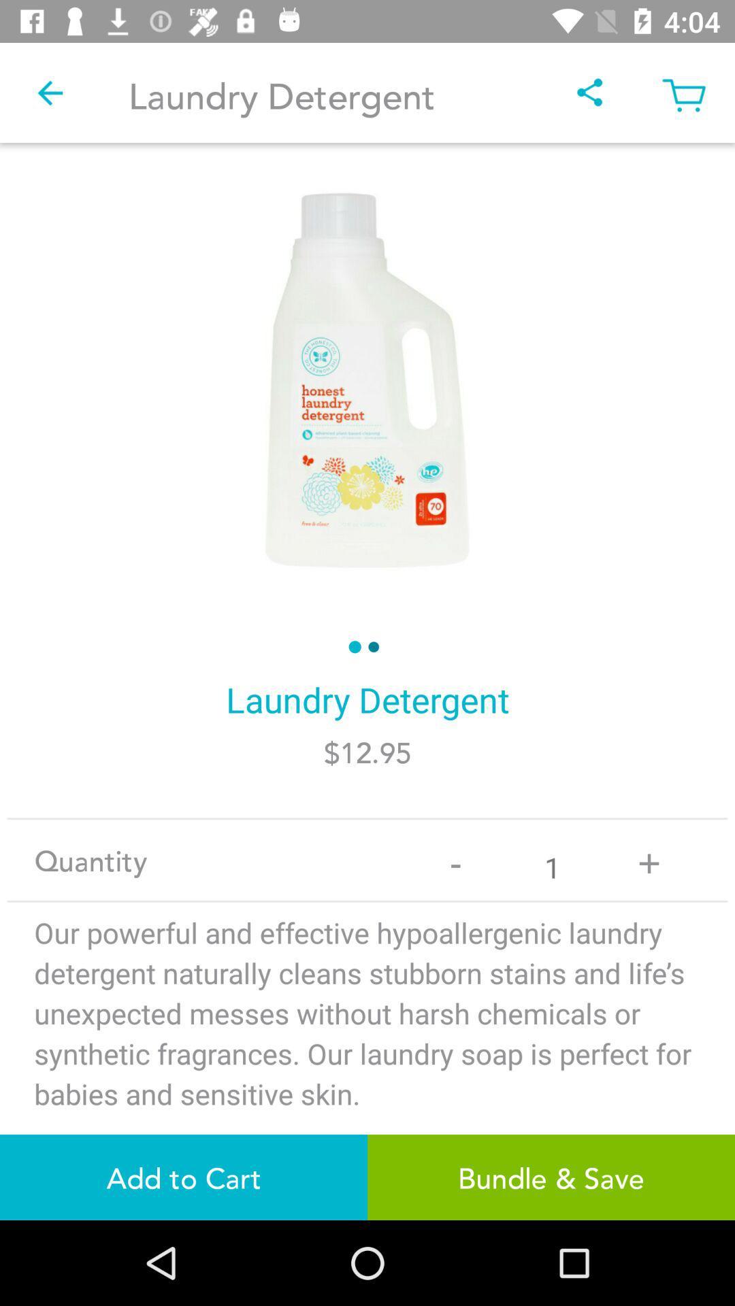 This screenshot has width=735, height=1306. I want to click on the icon next to quantity icon, so click(455, 859).